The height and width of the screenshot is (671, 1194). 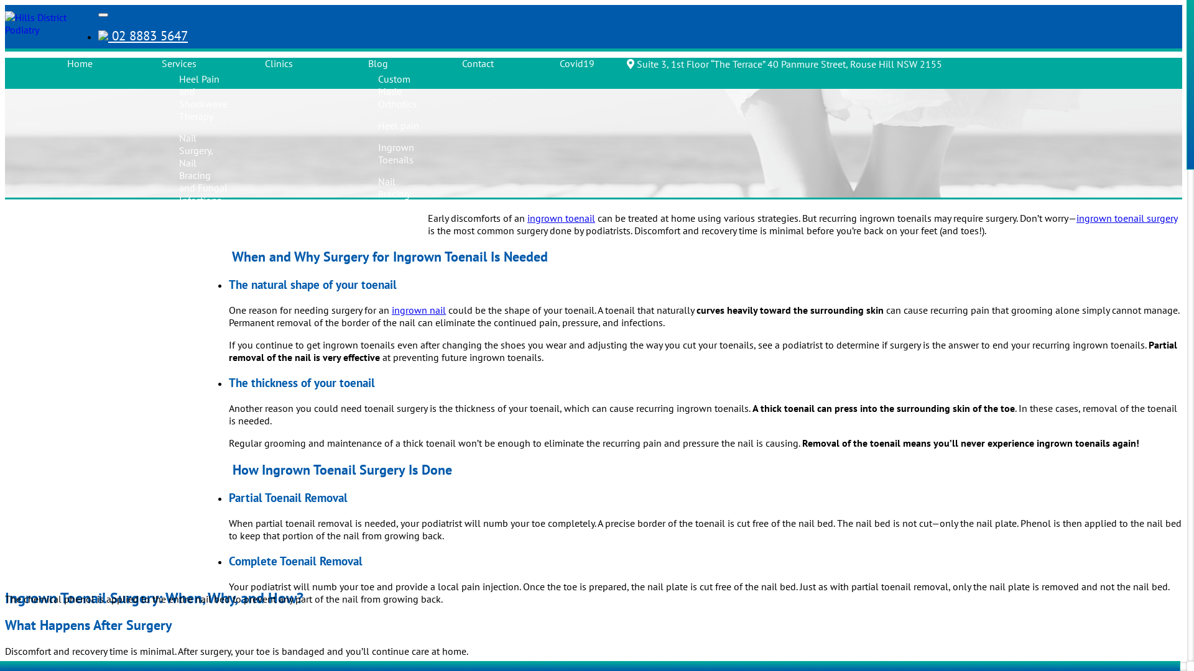 I want to click on 'Shockwave Therapy', so click(x=377, y=221).